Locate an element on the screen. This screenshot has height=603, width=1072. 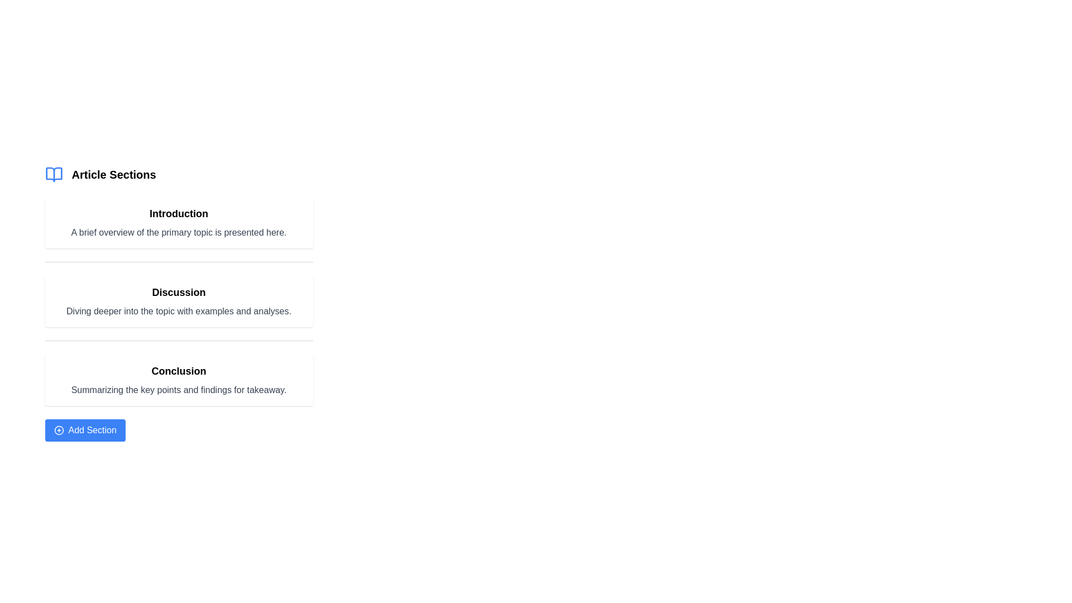
the circular icon containing a plus symbol (+) that is part of the 'Add Section' button located at the bottom-left corner of the interface is located at coordinates (58, 430).